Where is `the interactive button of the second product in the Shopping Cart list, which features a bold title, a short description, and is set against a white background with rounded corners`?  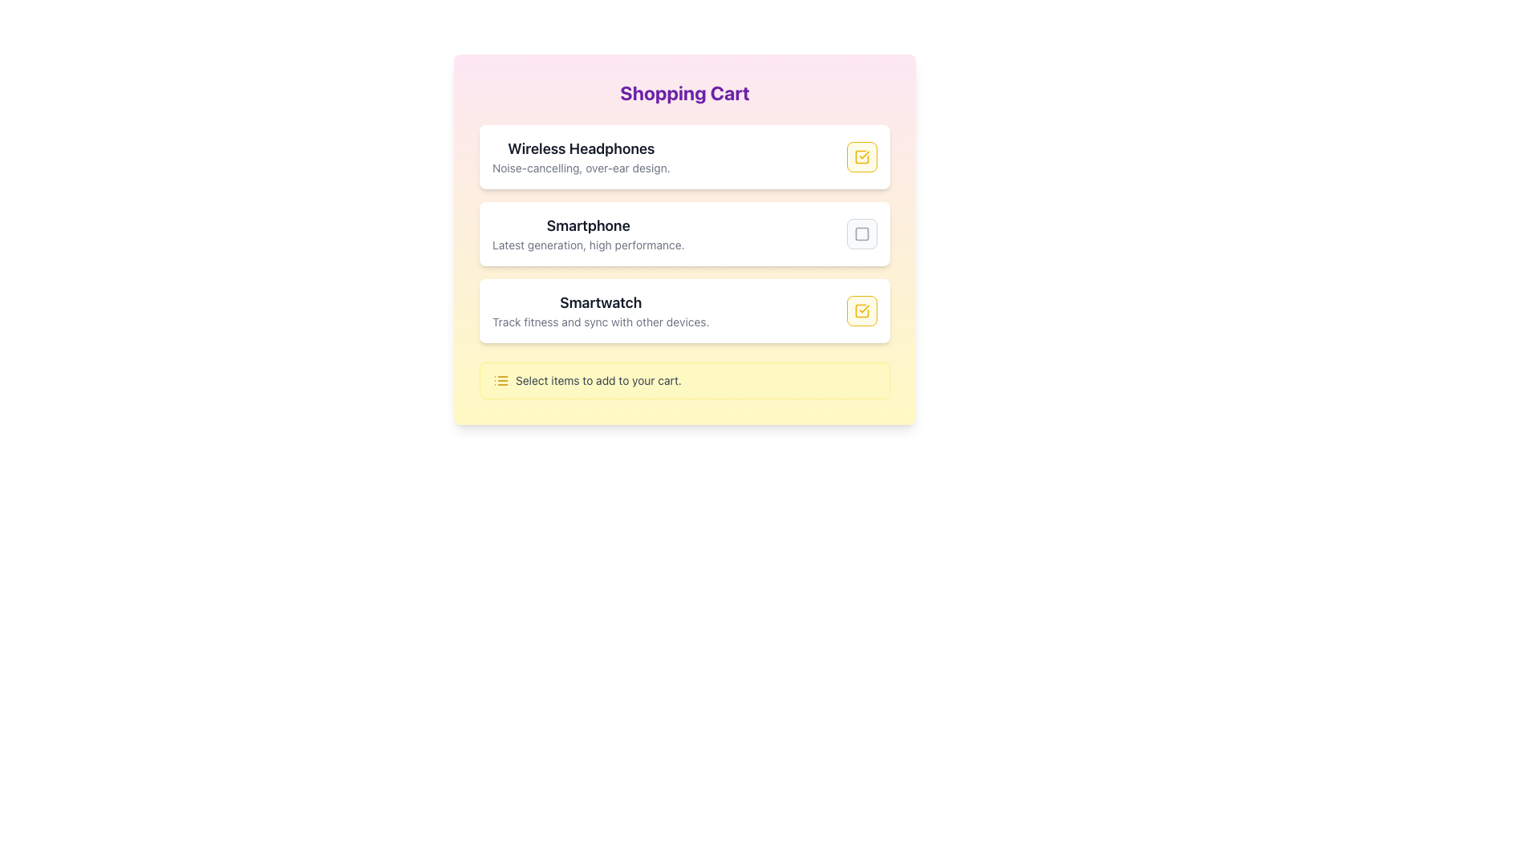 the interactive button of the second product in the Shopping Cart list, which features a bold title, a short description, and is set against a white background with rounded corners is located at coordinates (685, 234).